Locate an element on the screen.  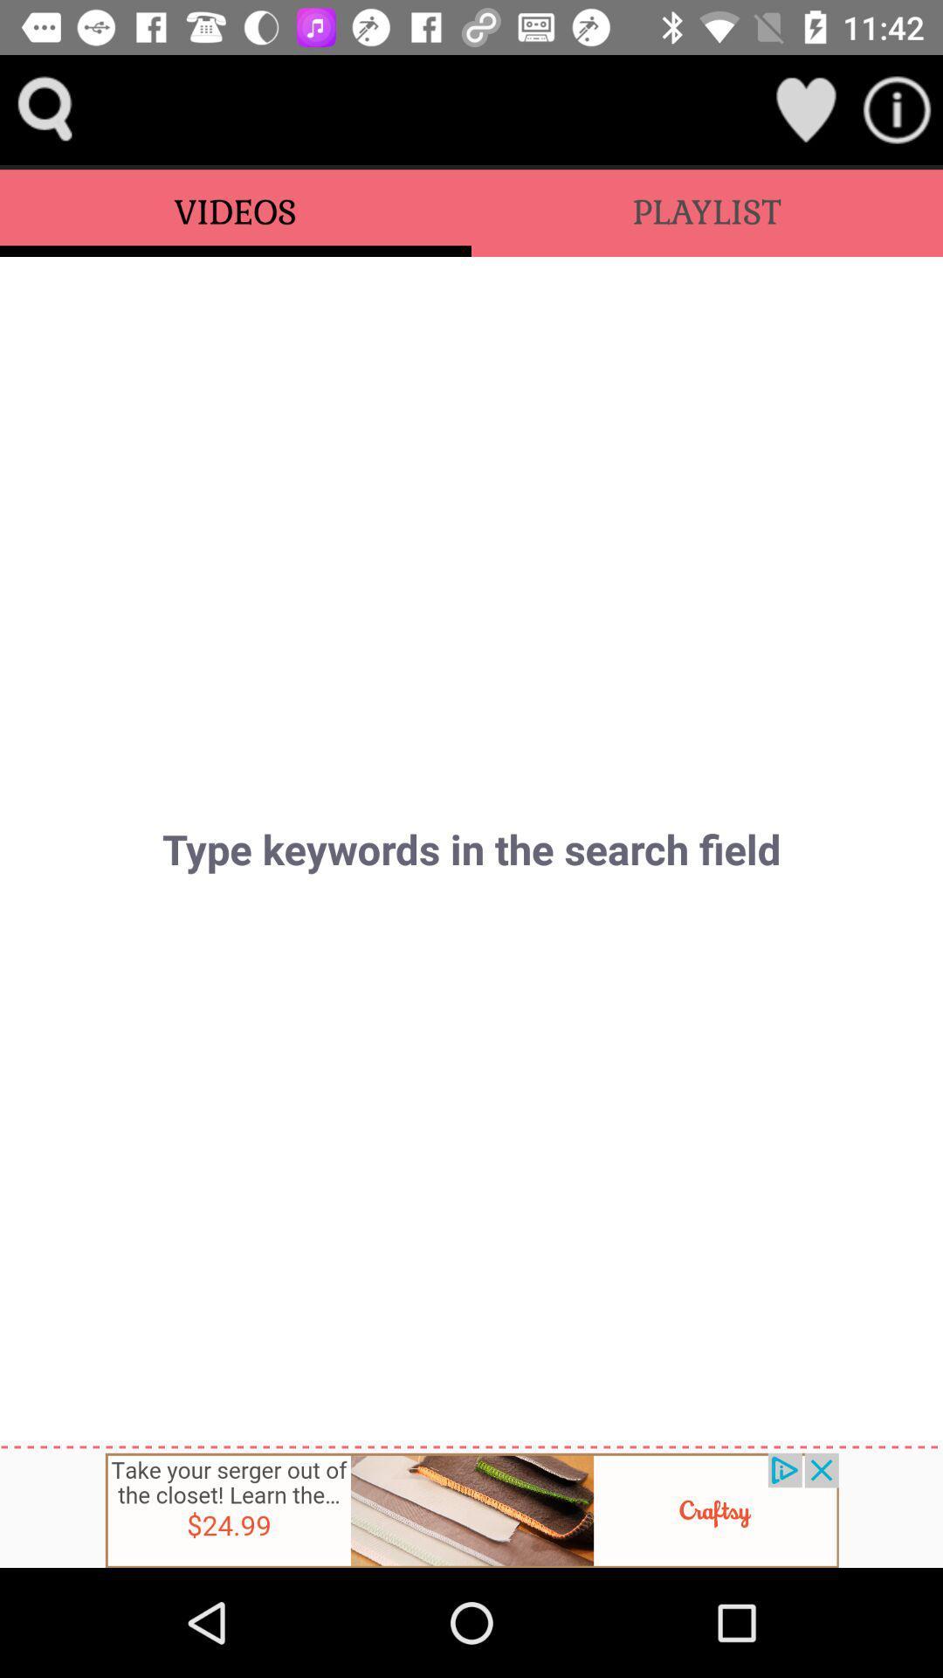
to favorites is located at coordinates (805, 108).